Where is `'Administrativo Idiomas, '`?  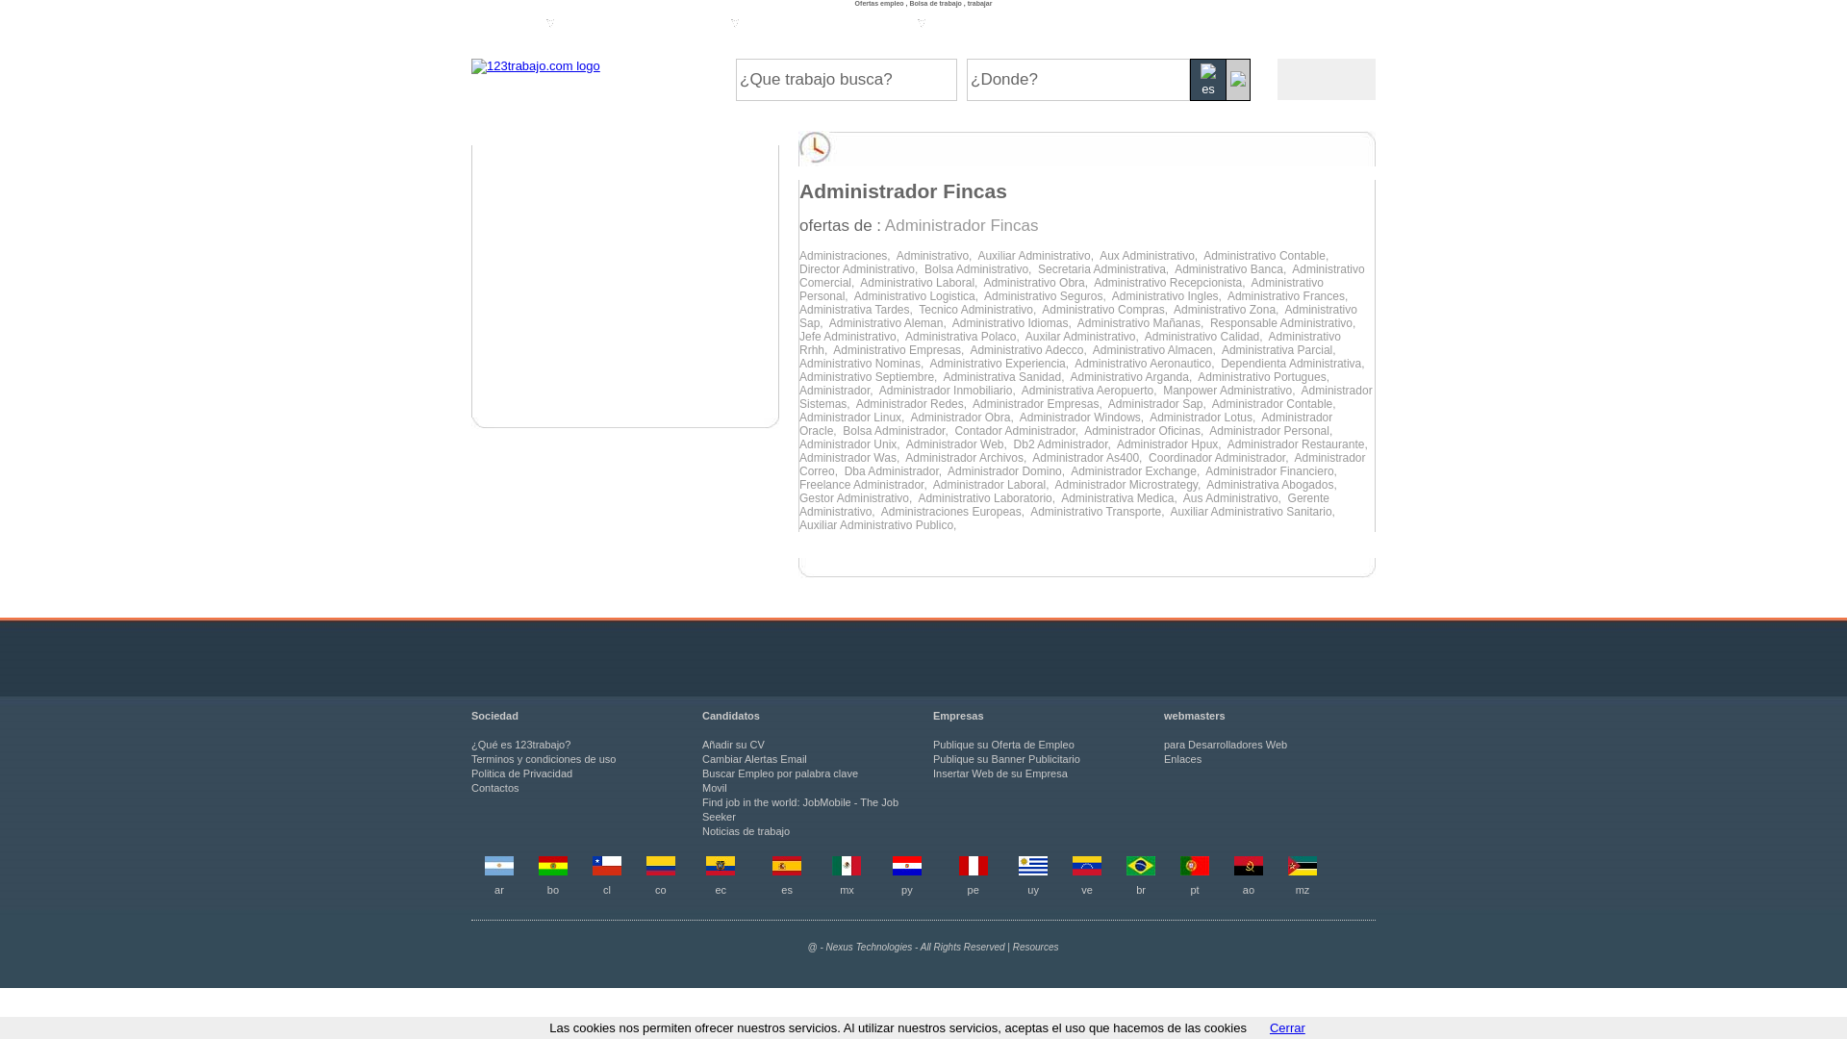 'Administrativo Idiomas, ' is located at coordinates (1014, 321).